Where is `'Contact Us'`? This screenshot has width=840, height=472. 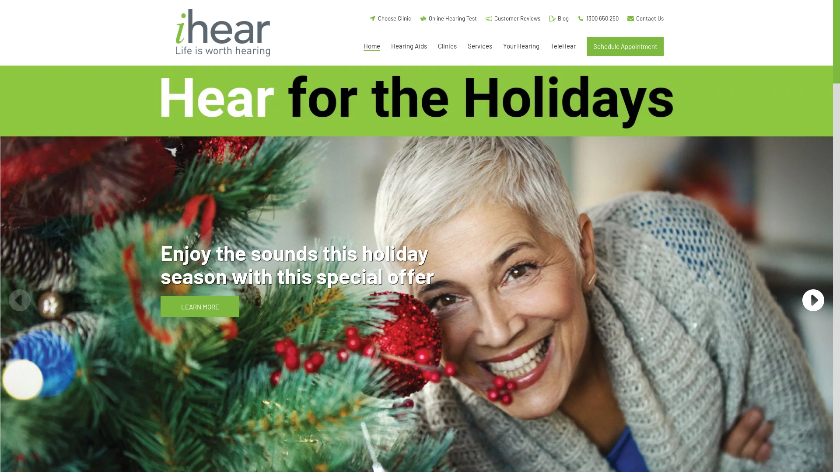
'Contact Us' is located at coordinates (645, 18).